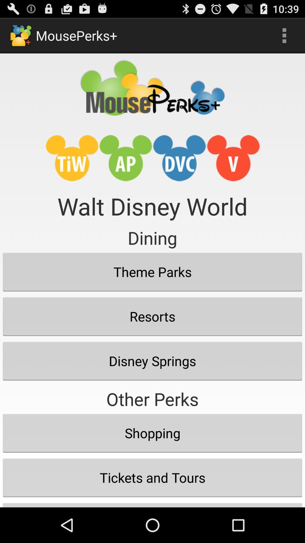 This screenshot has width=305, height=543. I want to click on tickets and tours item, so click(152, 477).